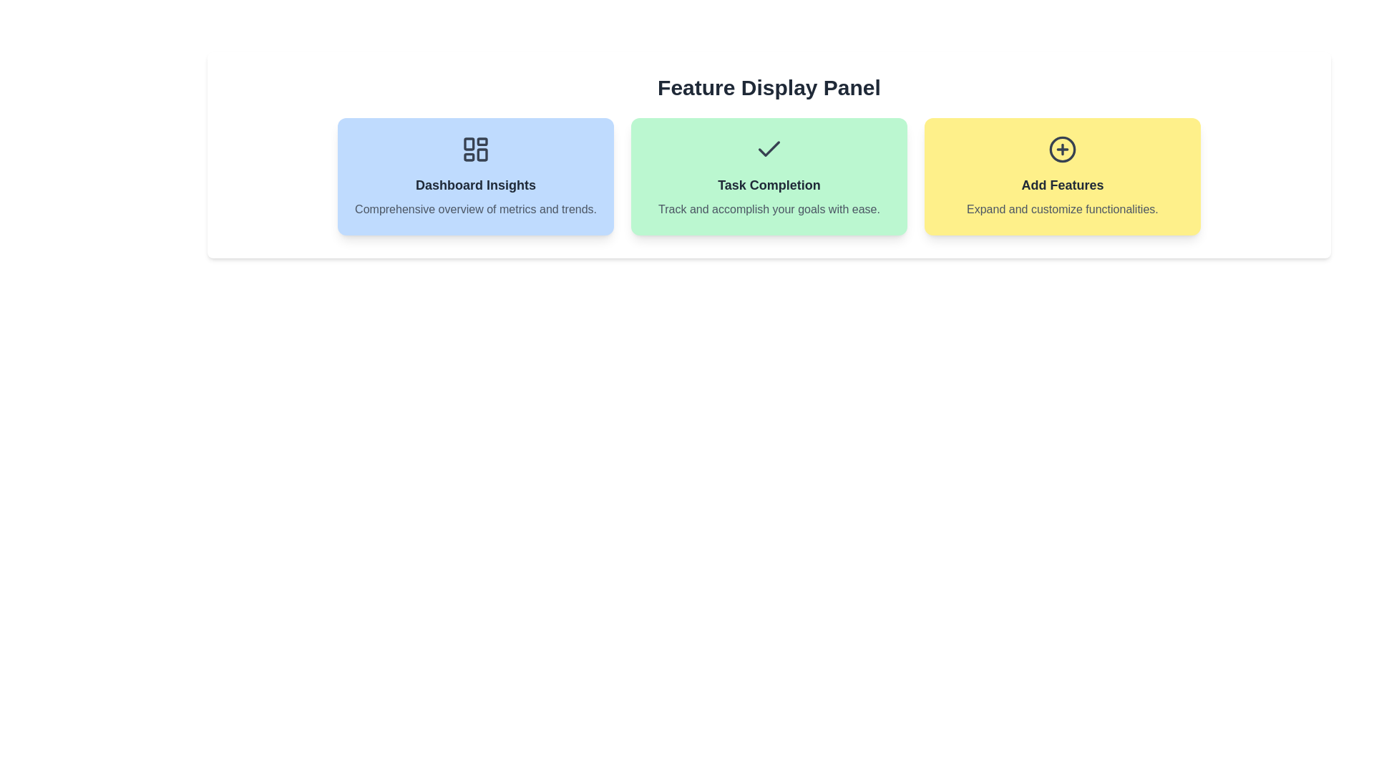 This screenshot has height=773, width=1374. Describe the element at coordinates (769, 210) in the screenshot. I see `the static descriptive text element located beneath the 'Task Completion' title and checkmark icon within the card` at that location.